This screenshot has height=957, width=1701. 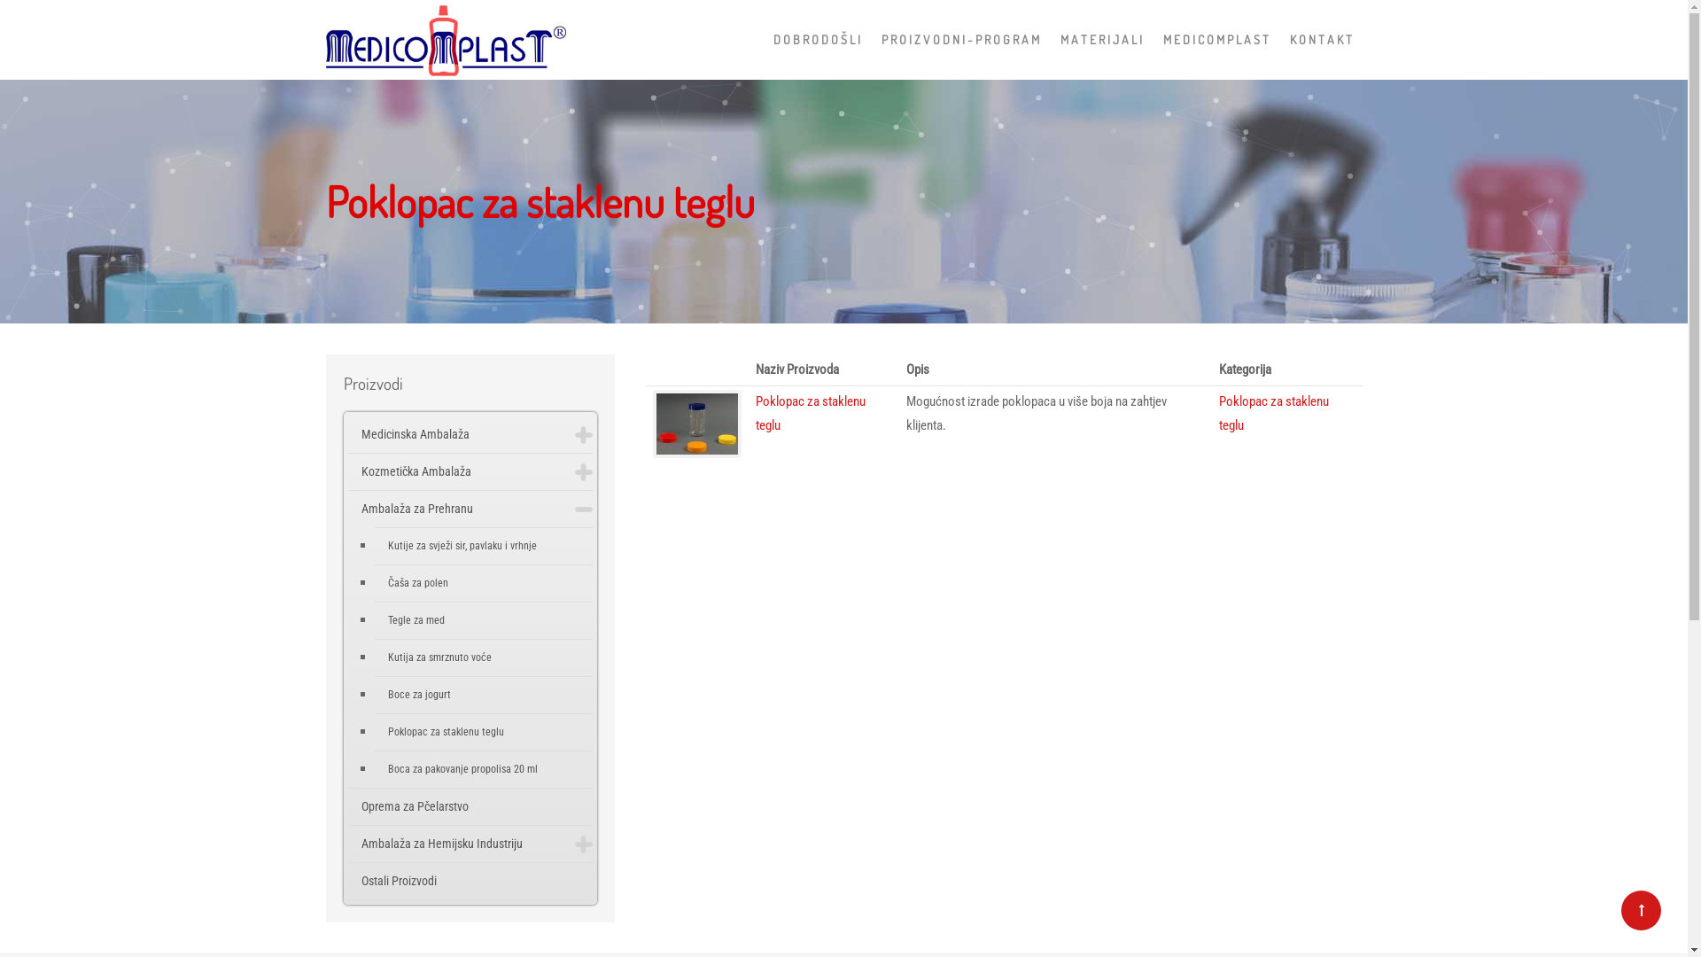 What do you see at coordinates (483, 768) in the screenshot?
I see `'Boca za pakovanje propolisa 20 ml'` at bounding box center [483, 768].